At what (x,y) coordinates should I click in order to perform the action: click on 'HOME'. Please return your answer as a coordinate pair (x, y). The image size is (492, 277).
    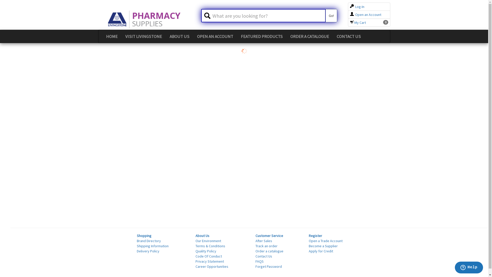
    Looking at the image, I should click on (102, 36).